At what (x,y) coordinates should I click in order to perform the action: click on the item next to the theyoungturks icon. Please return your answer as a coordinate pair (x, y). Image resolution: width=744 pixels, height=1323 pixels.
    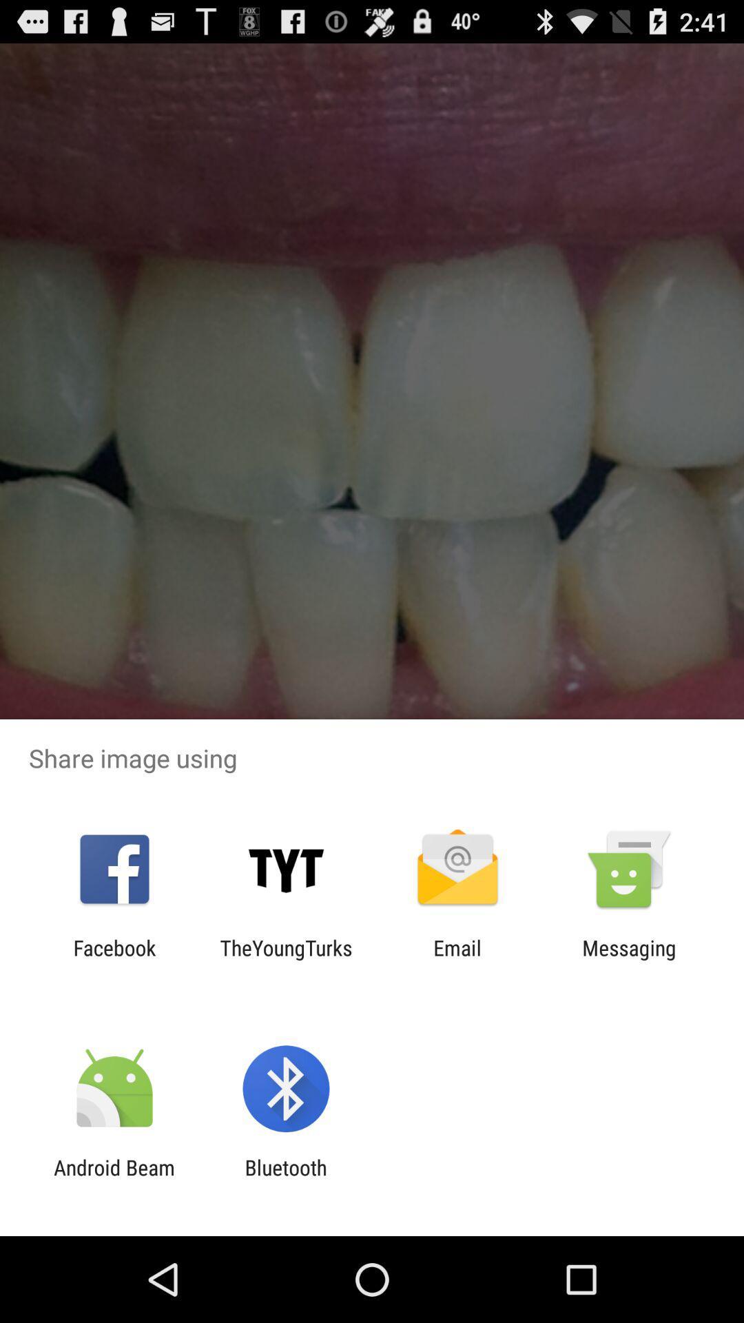
    Looking at the image, I should click on (114, 959).